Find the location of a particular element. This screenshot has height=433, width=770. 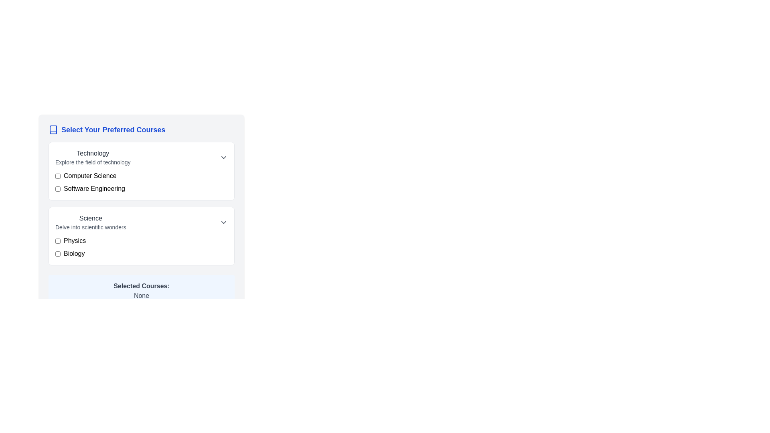

the downward-facing arrow icon button, which is styled with a thin stroke and rounded design, located to the right of the text 'Science' and 'Delve into scientific wonders' is located at coordinates (223, 223).